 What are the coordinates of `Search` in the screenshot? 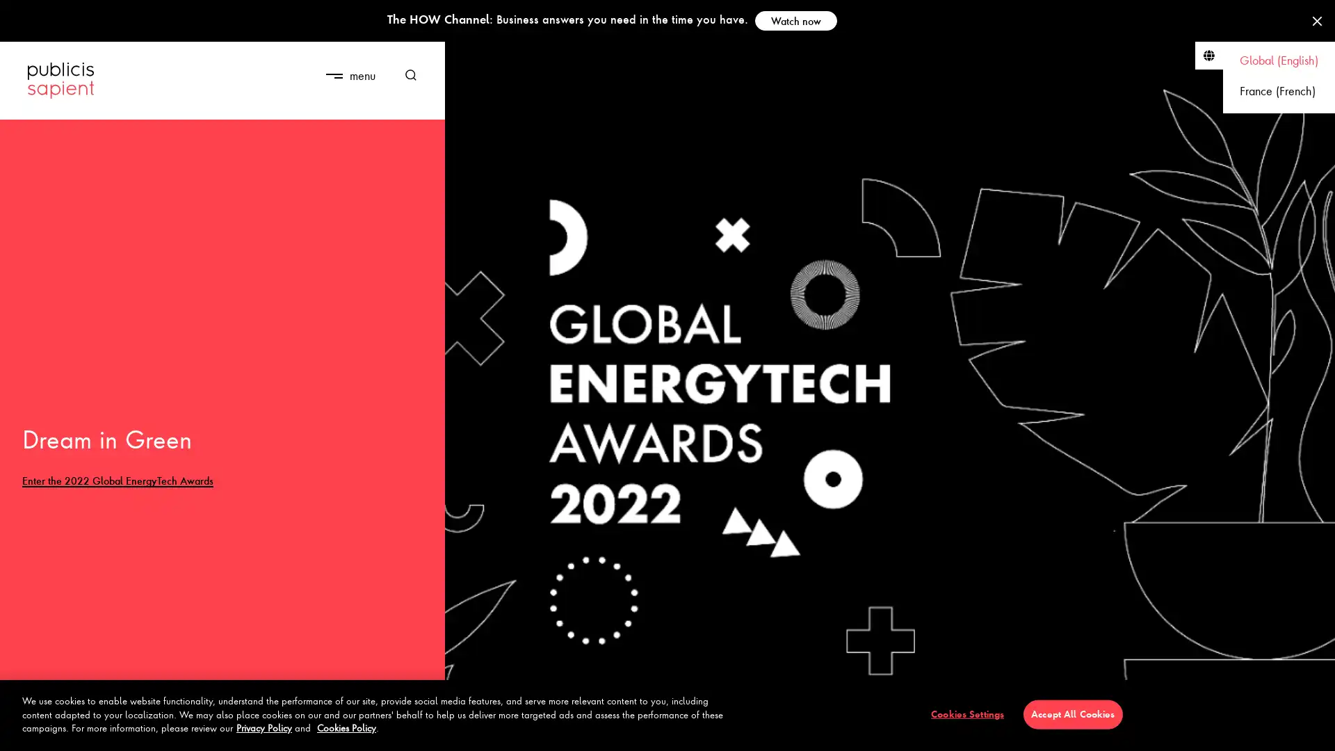 It's located at (405, 75).